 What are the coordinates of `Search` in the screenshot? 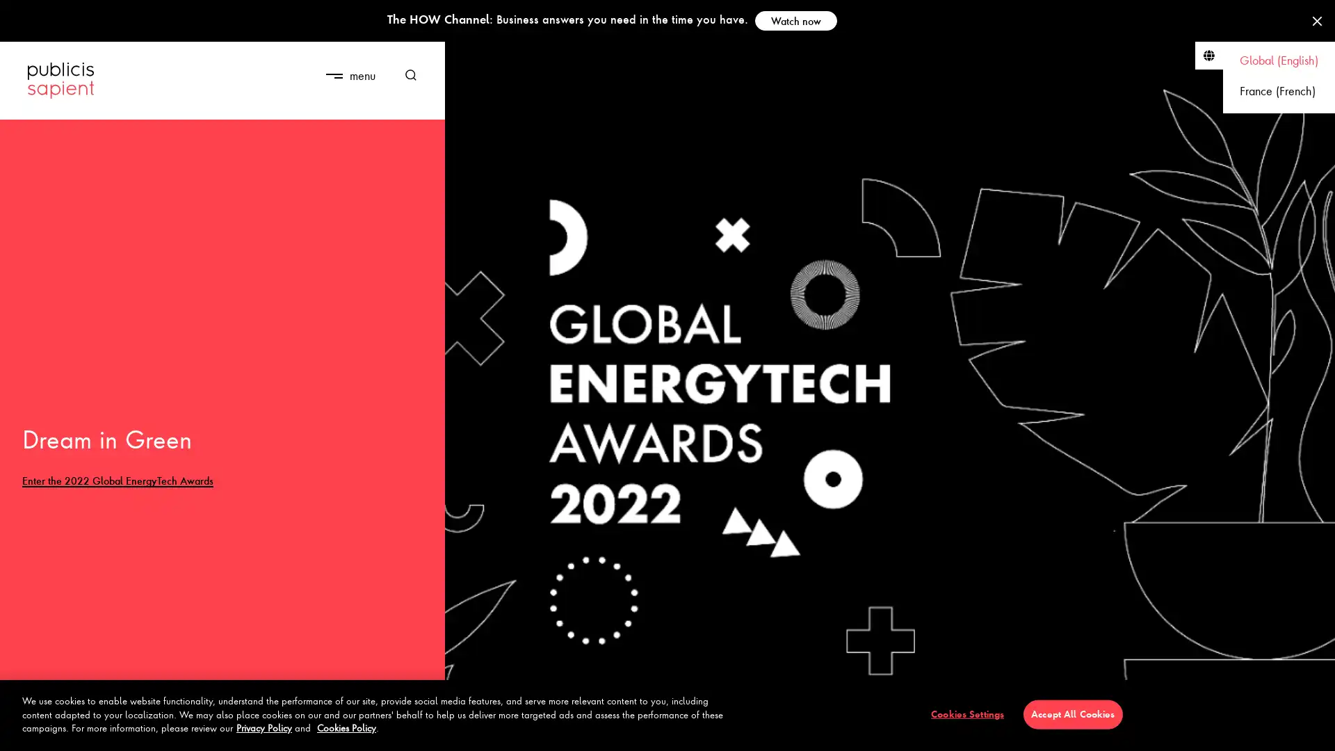 It's located at (405, 75).